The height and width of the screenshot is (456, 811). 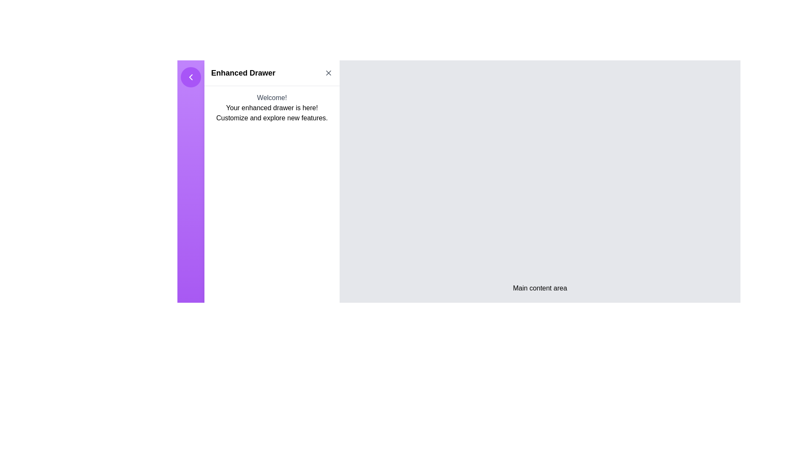 What do you see at coordinates (272, 107) in the screenshot?
I see `the static text box element that conveys a welcome message for accessibility tools to read the text out` at bounding box center [272, 107].